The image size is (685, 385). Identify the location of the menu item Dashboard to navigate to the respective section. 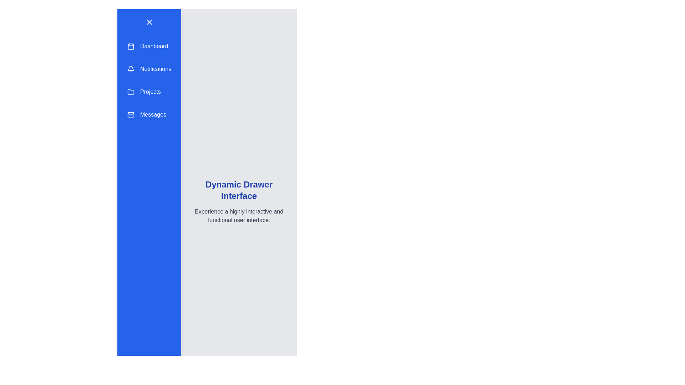
(149, 46).